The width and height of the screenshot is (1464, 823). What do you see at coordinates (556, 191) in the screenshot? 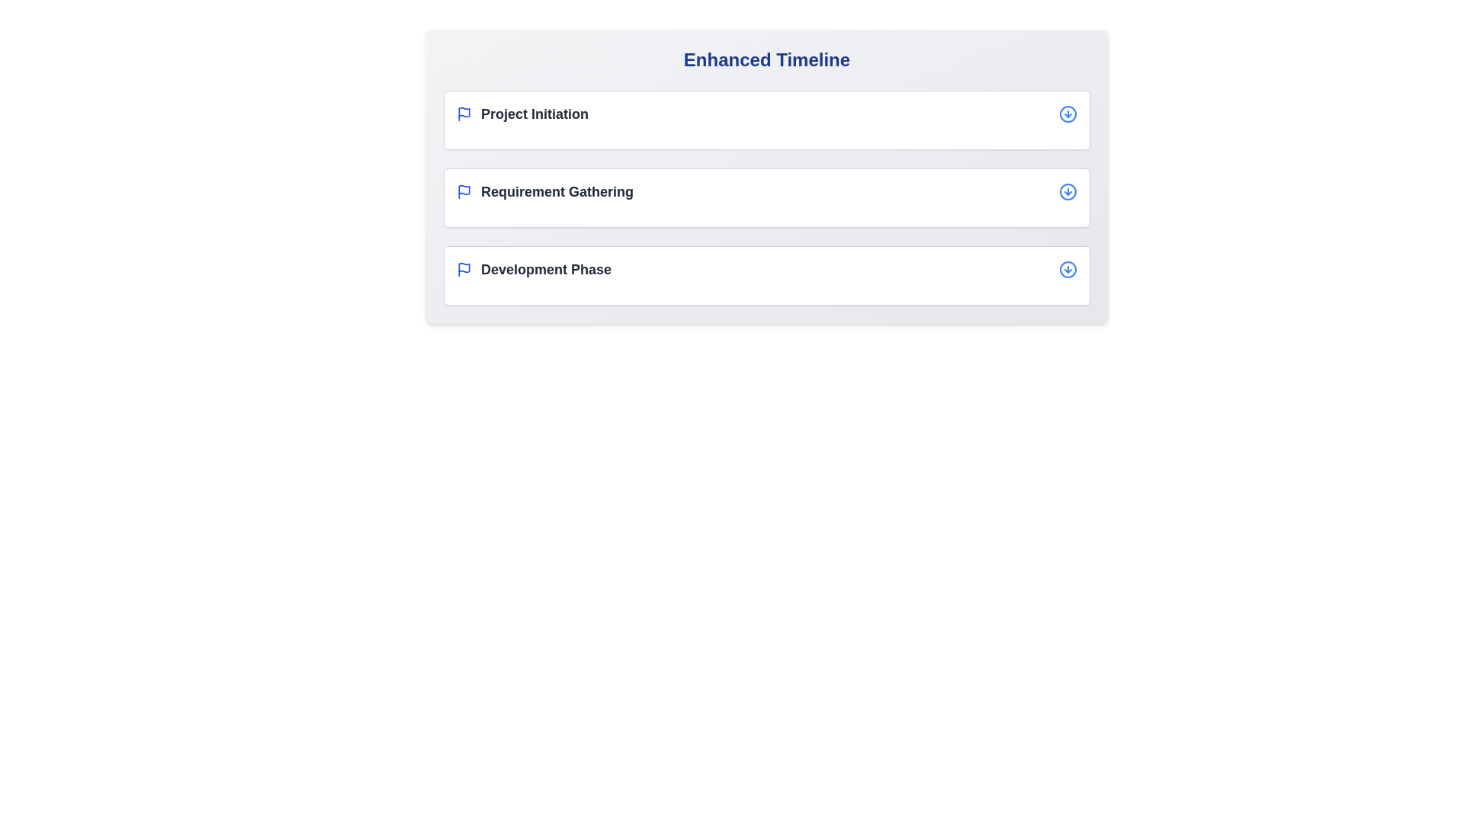
I see `the static text label or heading that identifies the second item in a vertical list, situated between 'Project Initiation' and 'Development Phase'` at bounding box center [556, 191].